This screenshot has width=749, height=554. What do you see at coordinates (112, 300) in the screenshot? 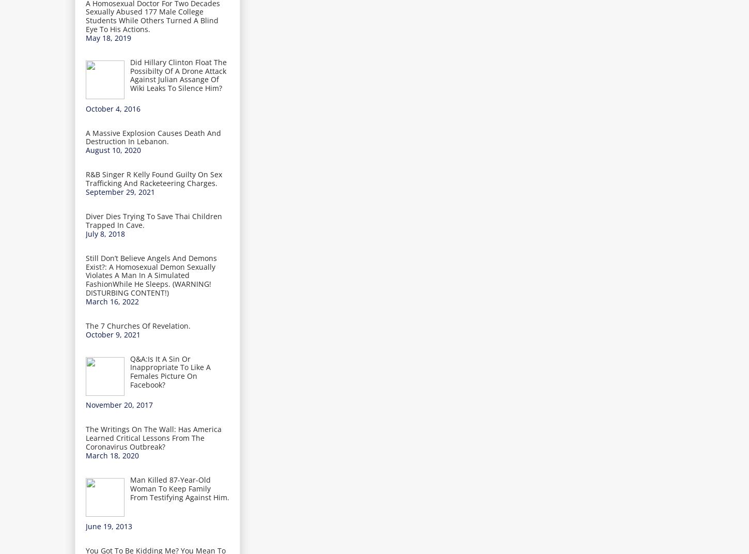
I see `'March 16, 2022'` at bounding box center [112, 300].